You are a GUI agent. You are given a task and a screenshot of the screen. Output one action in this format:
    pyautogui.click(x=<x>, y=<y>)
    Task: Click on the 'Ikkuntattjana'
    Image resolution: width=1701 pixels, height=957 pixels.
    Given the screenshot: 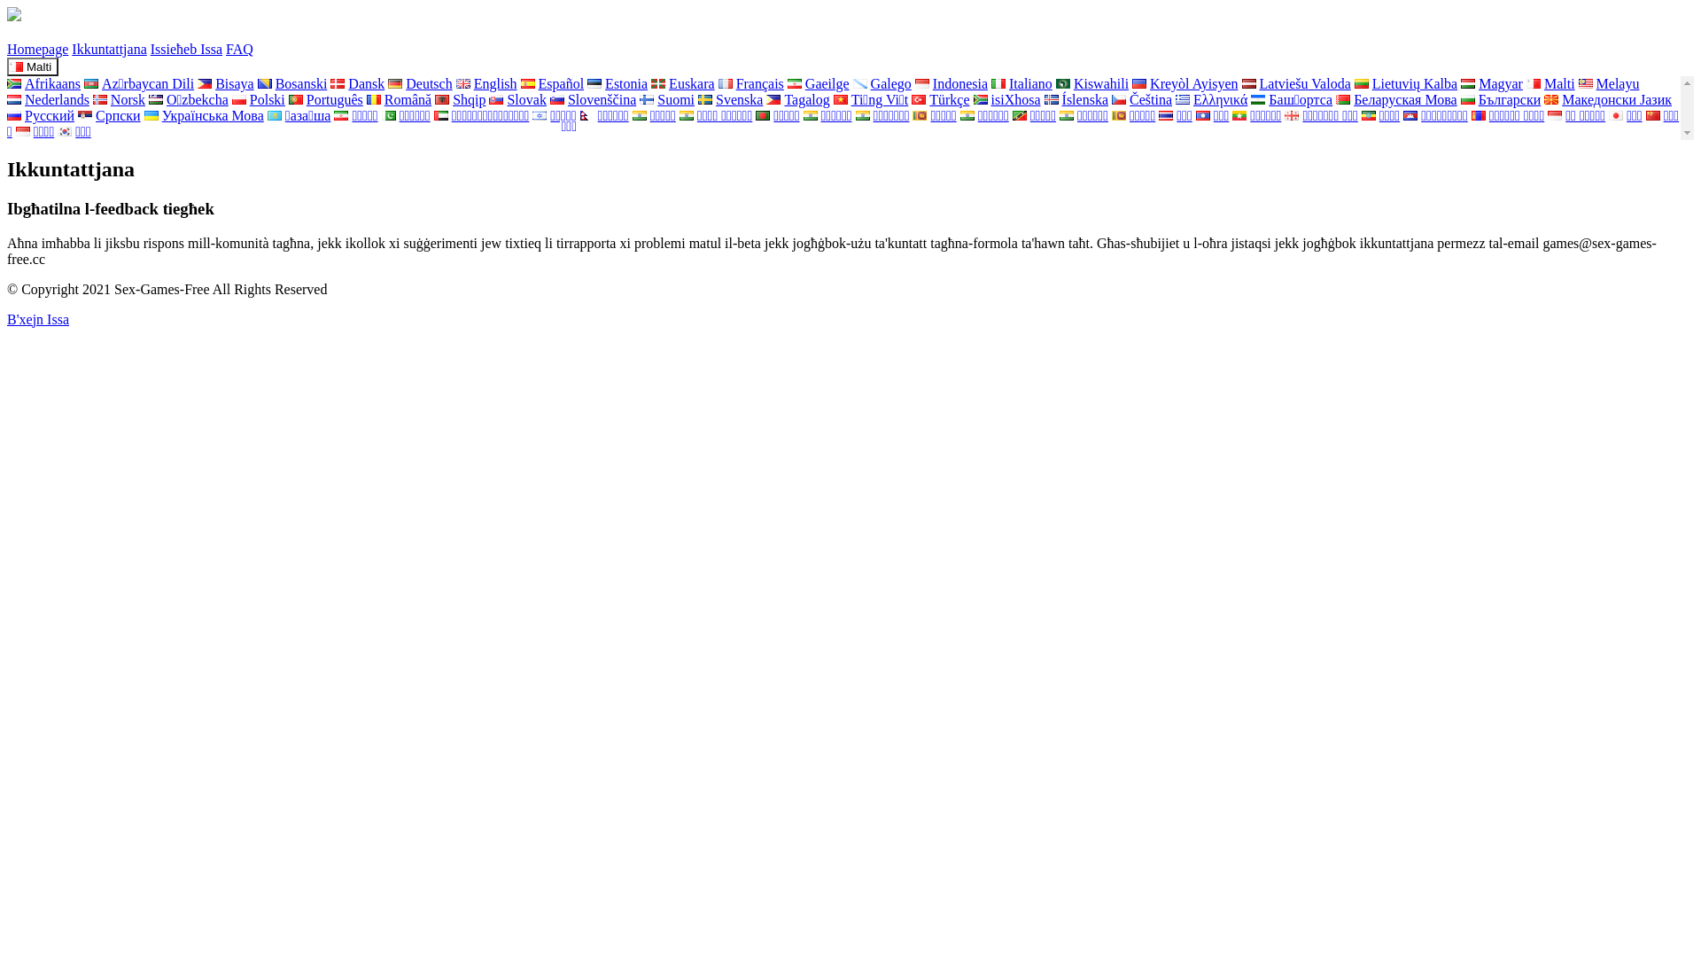 What is the action you would take?
    pyautogui.click(x=71, y=48)
    